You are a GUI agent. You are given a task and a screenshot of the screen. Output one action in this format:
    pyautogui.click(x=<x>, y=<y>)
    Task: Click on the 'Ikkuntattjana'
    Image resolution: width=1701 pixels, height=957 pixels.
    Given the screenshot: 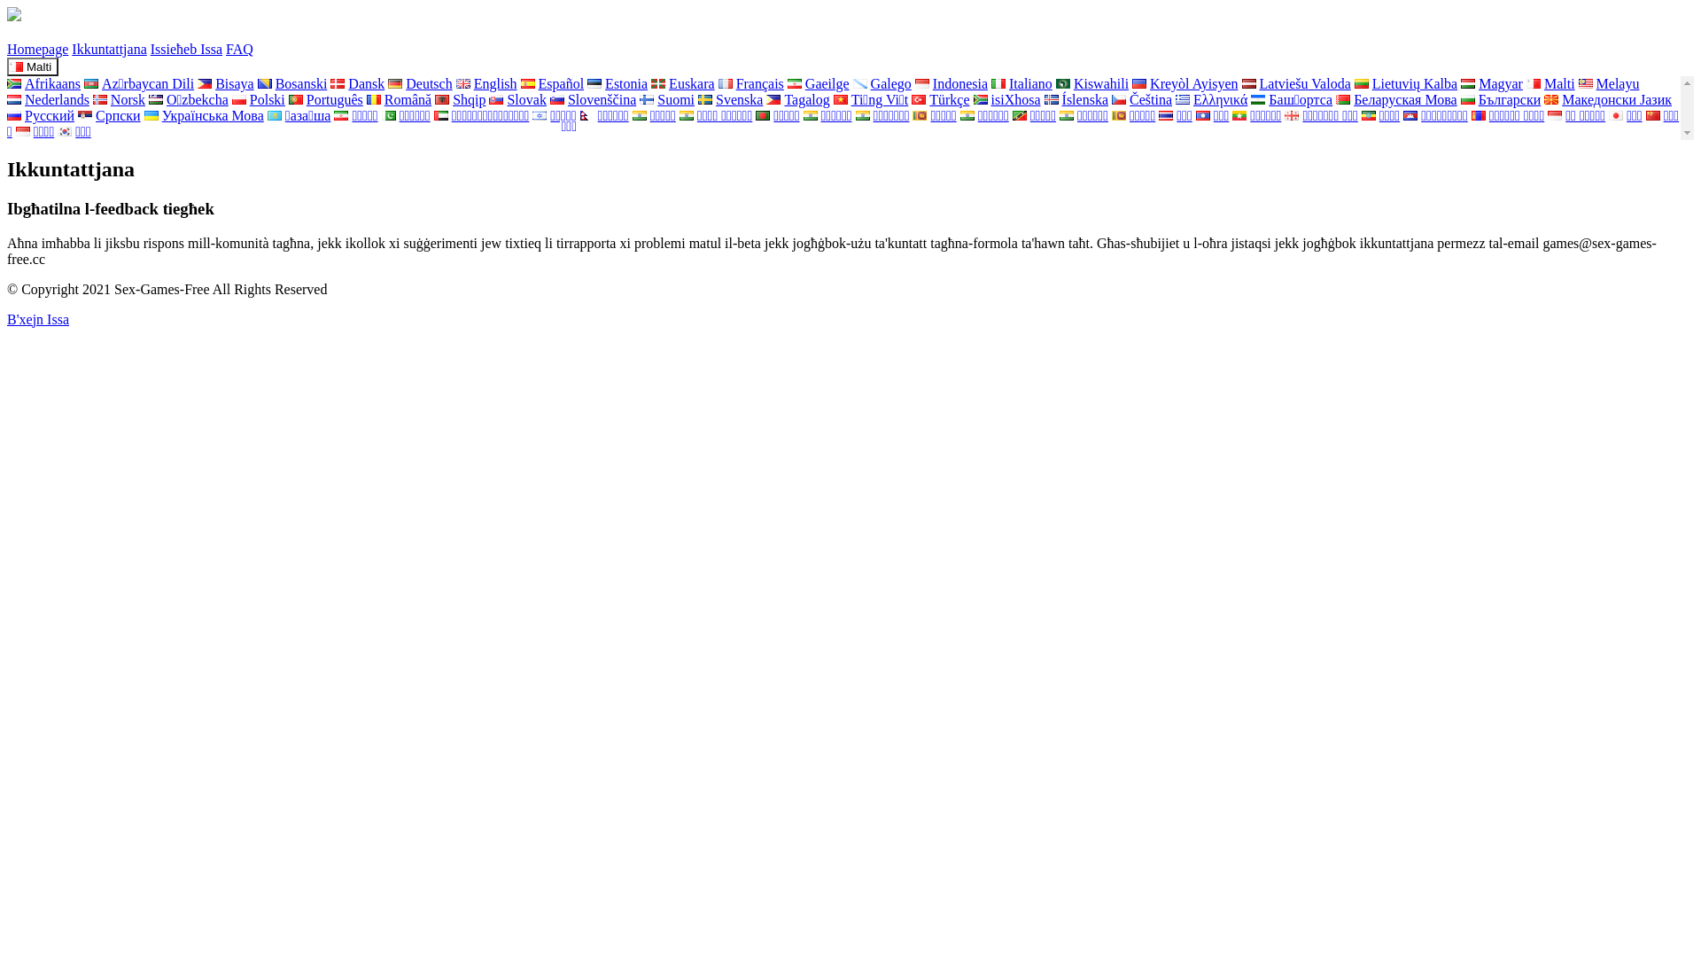 What is the action you would take?
    pyautogui.click(x=71, y=48)
    